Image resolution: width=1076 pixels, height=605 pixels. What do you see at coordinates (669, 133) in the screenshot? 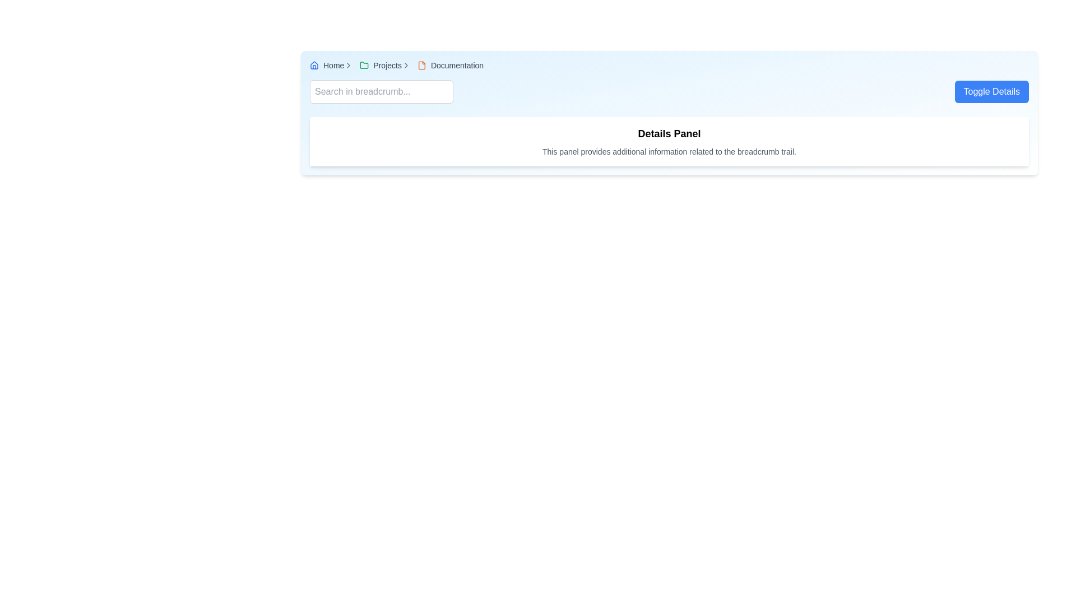
I see `the Text heading that serves as a title for the panel, positioned at the top-center of the interface` at bounding box center [669, 133].